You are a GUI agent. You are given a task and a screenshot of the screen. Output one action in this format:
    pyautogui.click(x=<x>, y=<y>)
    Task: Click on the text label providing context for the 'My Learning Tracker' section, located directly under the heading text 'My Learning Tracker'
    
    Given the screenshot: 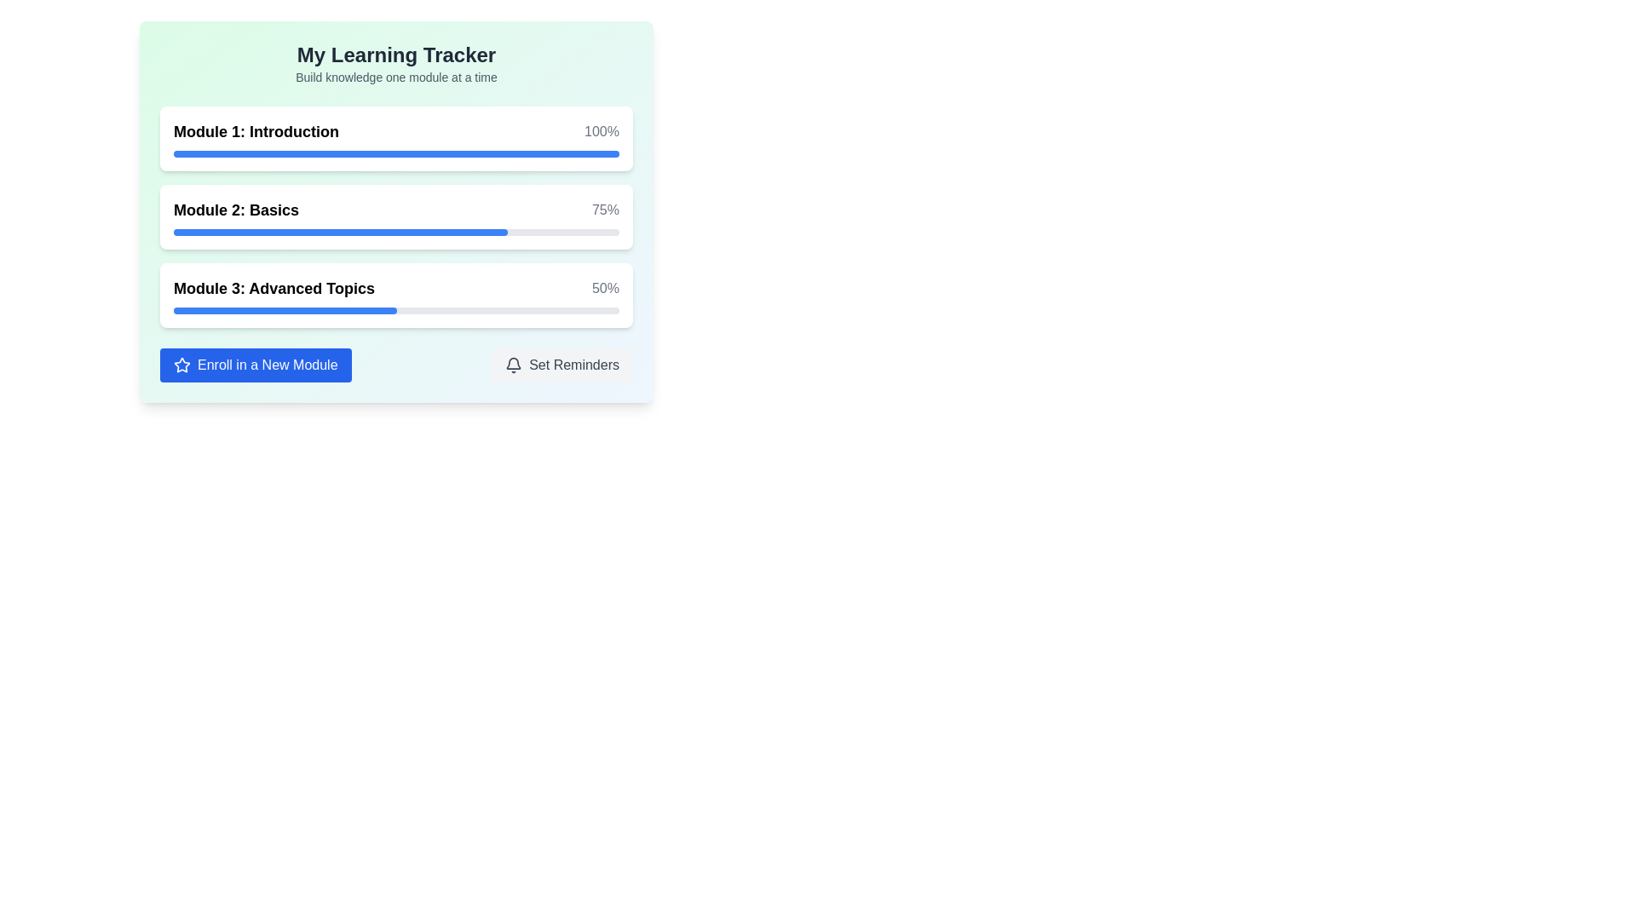 What is the action you would take?
    pyautogui.click(x=395, y=78)
    